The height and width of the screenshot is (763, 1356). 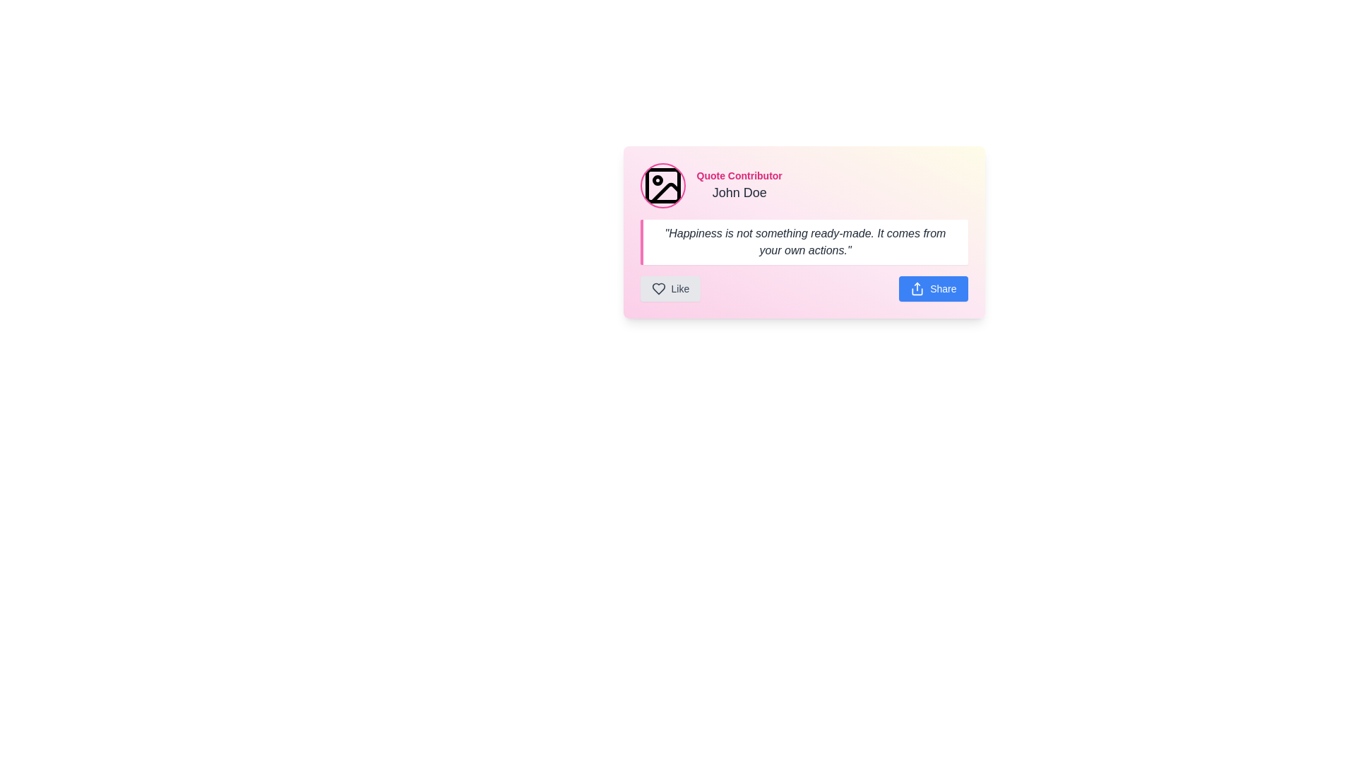 I want to click on the Profile Image Placeholder, which is a bordered circular icon with a pink border and a simplistic image symbol, so click(x=662, y=184).